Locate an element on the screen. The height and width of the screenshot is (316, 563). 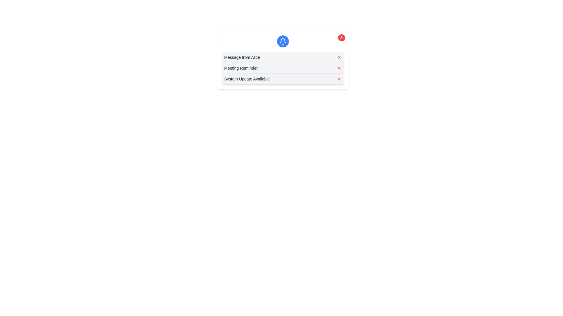
the circular blue button with a white bell icon located at the top-center of the notification panel is located at coordinates (283, 41).